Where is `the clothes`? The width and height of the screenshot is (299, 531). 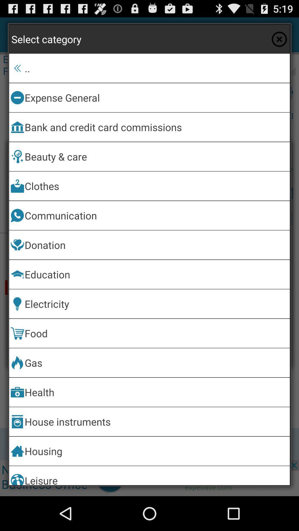 the clothes is located at coordinates (156, 186).